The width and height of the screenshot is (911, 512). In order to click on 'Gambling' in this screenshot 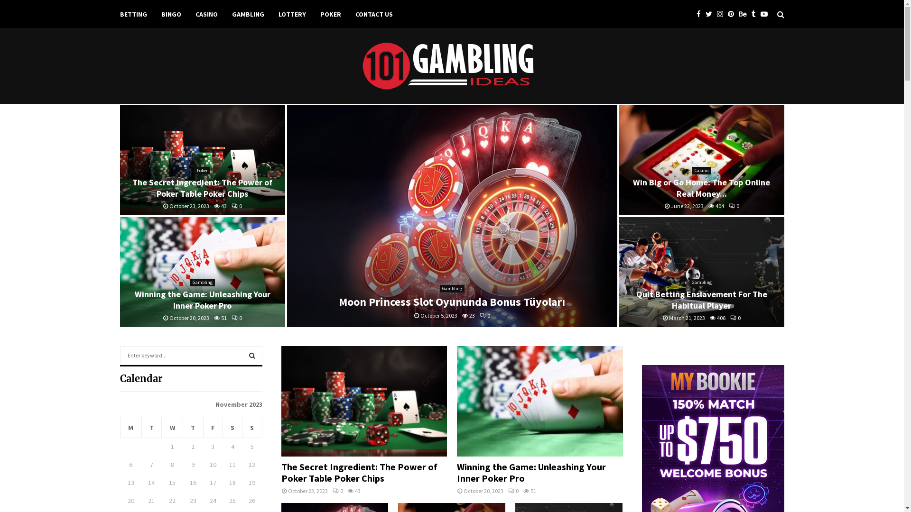, I will do `click(202, 282)`.